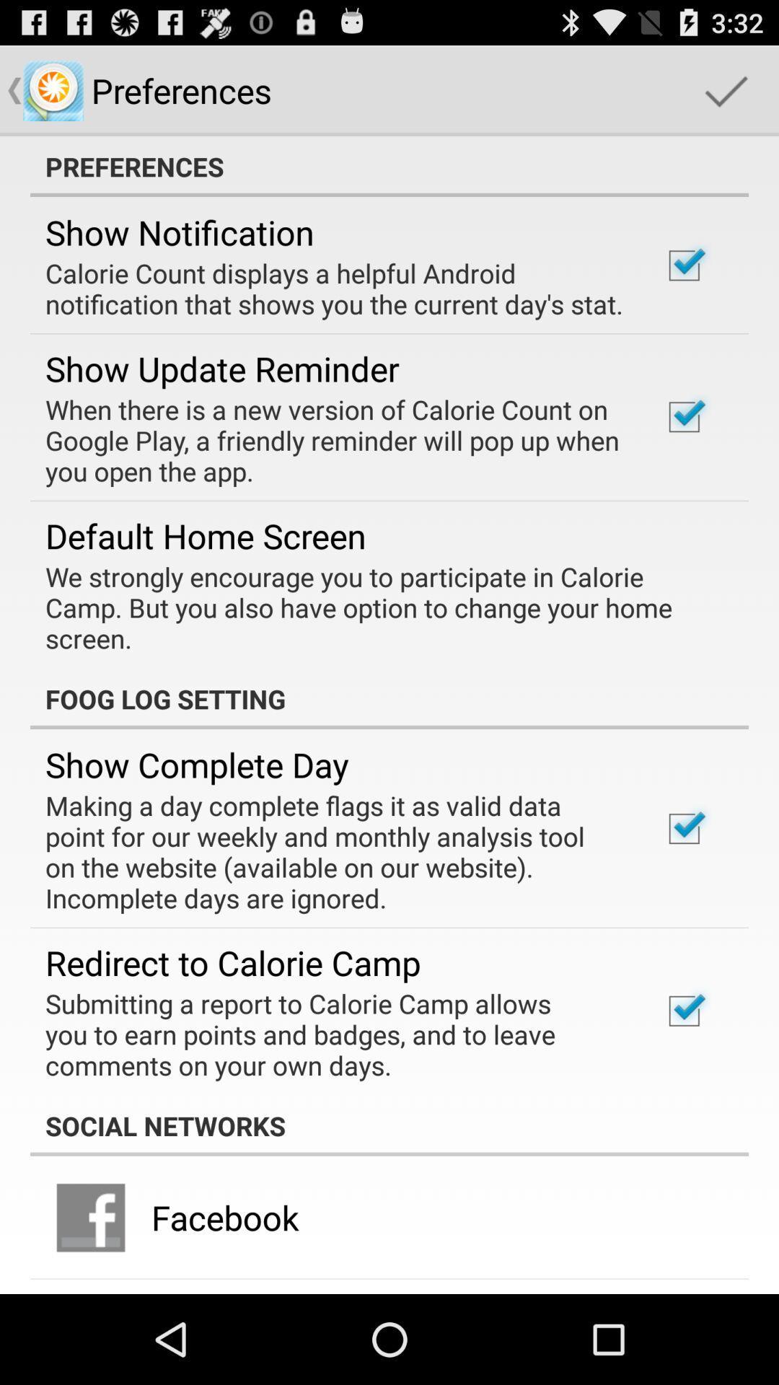 Image resolution: width=779 pixels, height=1385 pixels. I want to click on social networks icon, so click(389, 1125).